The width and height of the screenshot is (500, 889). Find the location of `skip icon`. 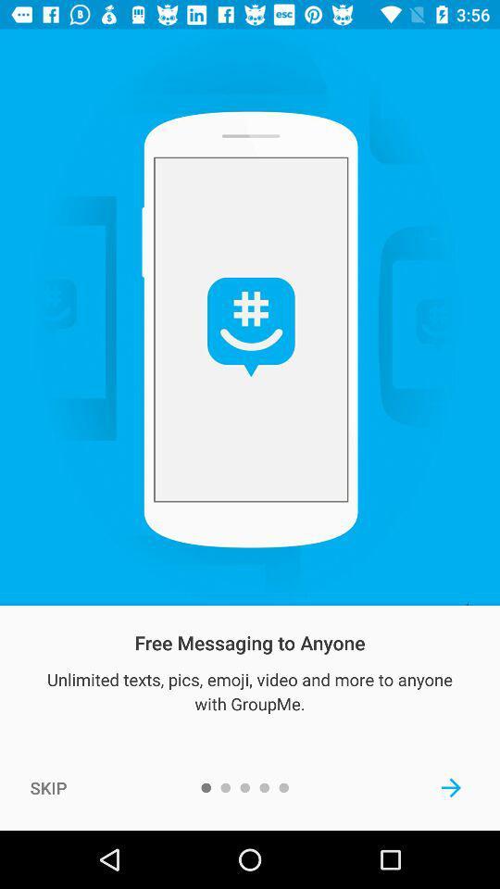

skip icon is located at coordinates (48, 786).